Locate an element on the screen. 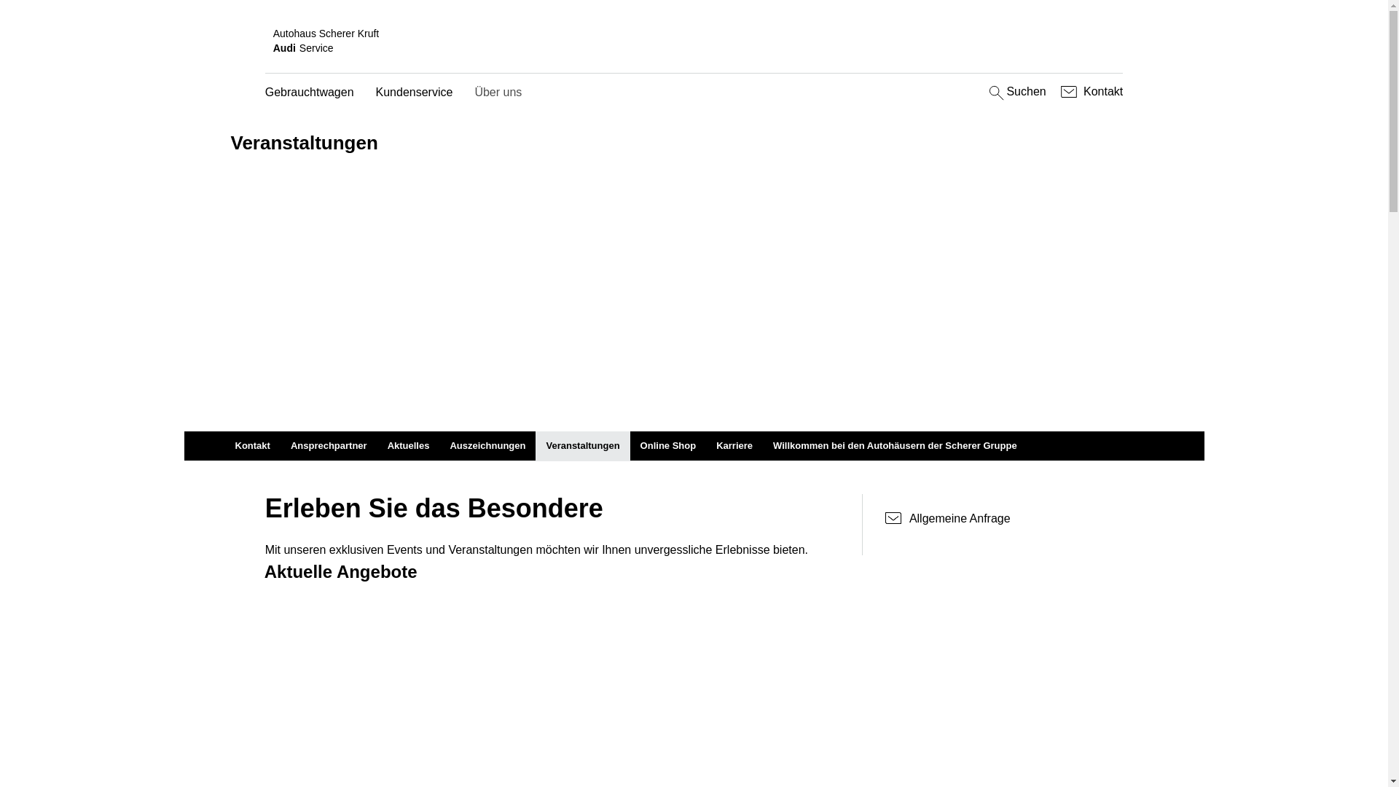  'Auszeichnungen' is located at coordinates (487, 445).